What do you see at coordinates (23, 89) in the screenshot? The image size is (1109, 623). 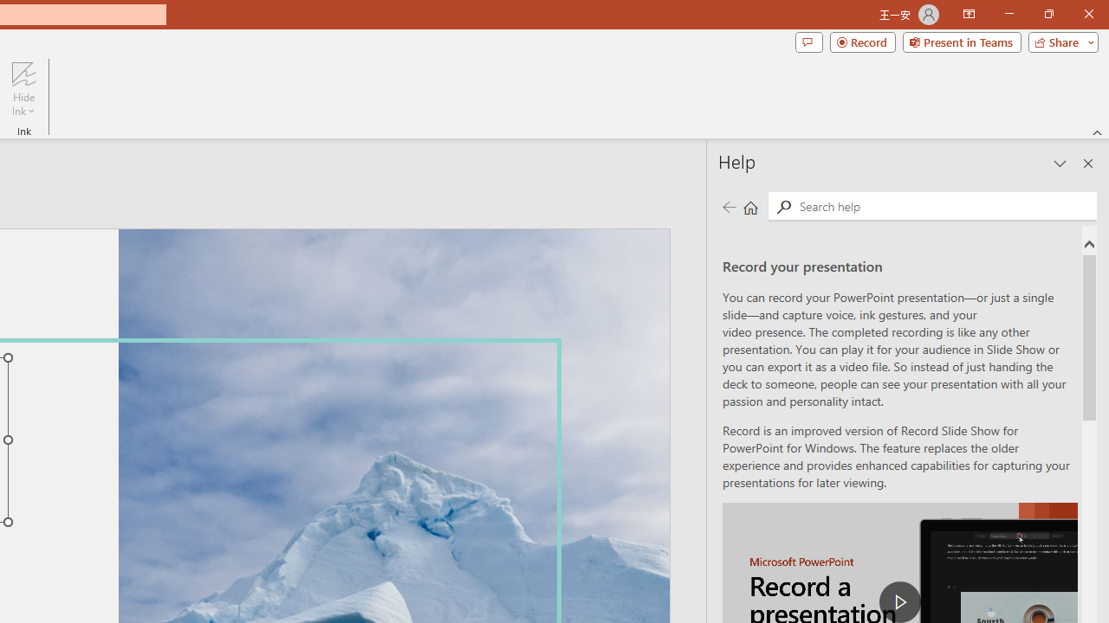 I see `'Hide Ink'` at bounding box center [23, 89].